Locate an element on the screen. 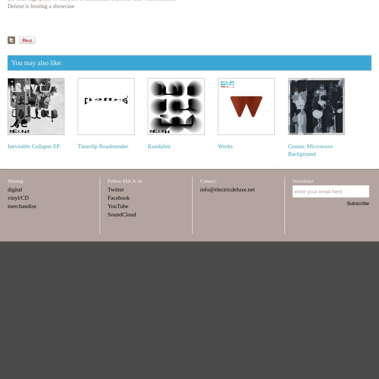 The image size is (379, 379). 'Kundalini' is located at coordinates (159, 146).